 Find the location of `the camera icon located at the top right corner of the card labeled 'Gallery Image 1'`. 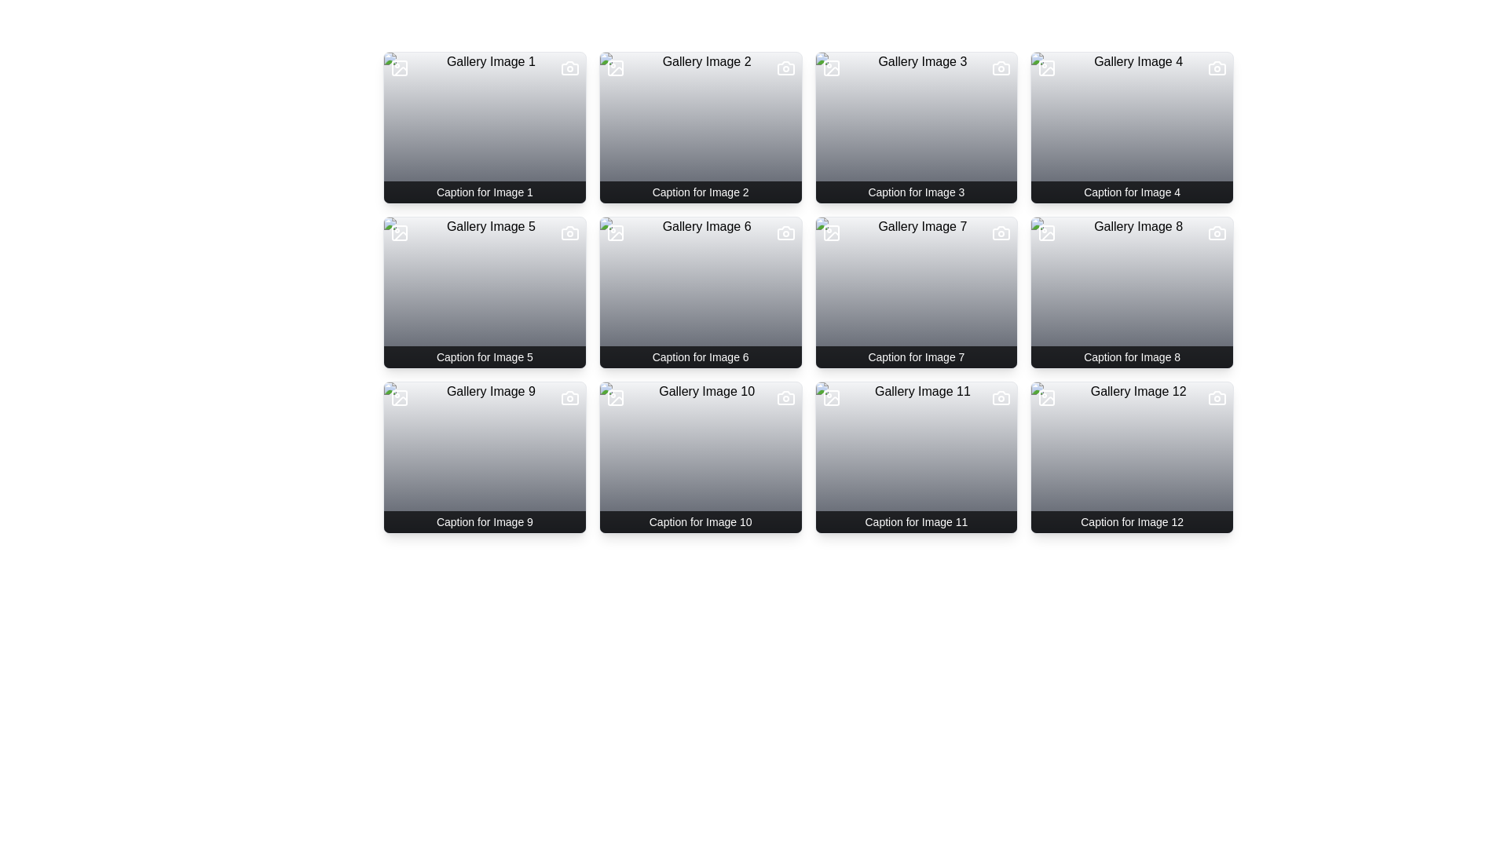

the camera icon located at the top right corner of the card labeled 'Gallery Image 1' is located at coordinates (569, 68).